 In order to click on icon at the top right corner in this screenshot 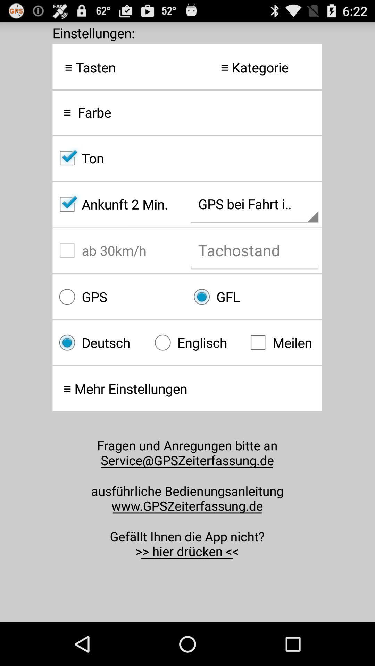, I will do `click(255, 67)`.